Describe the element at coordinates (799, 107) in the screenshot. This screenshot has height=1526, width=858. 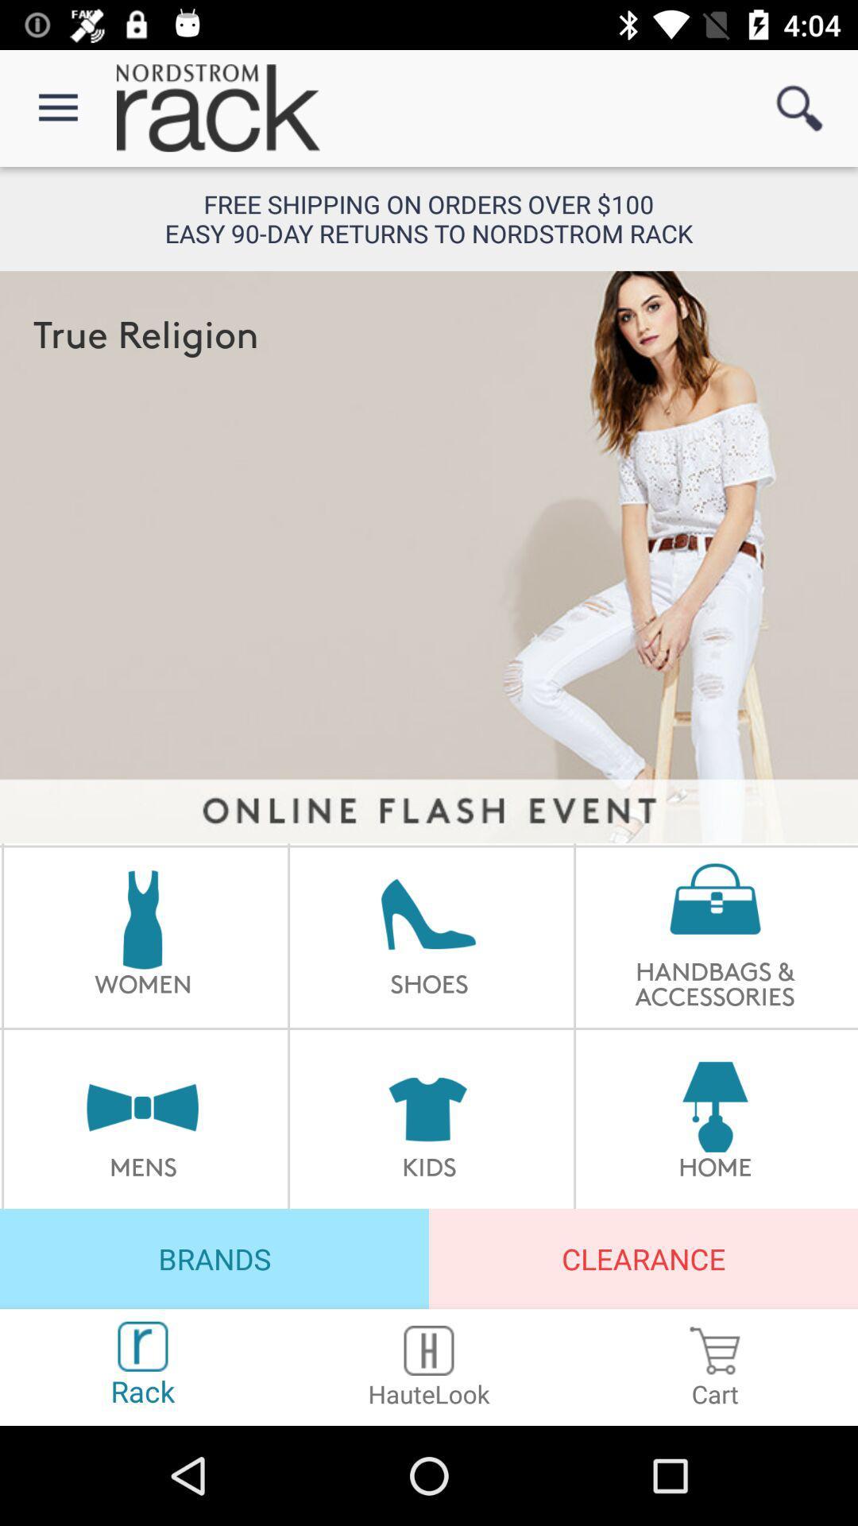
I see `the item to the right of the free shipping on` at that location.